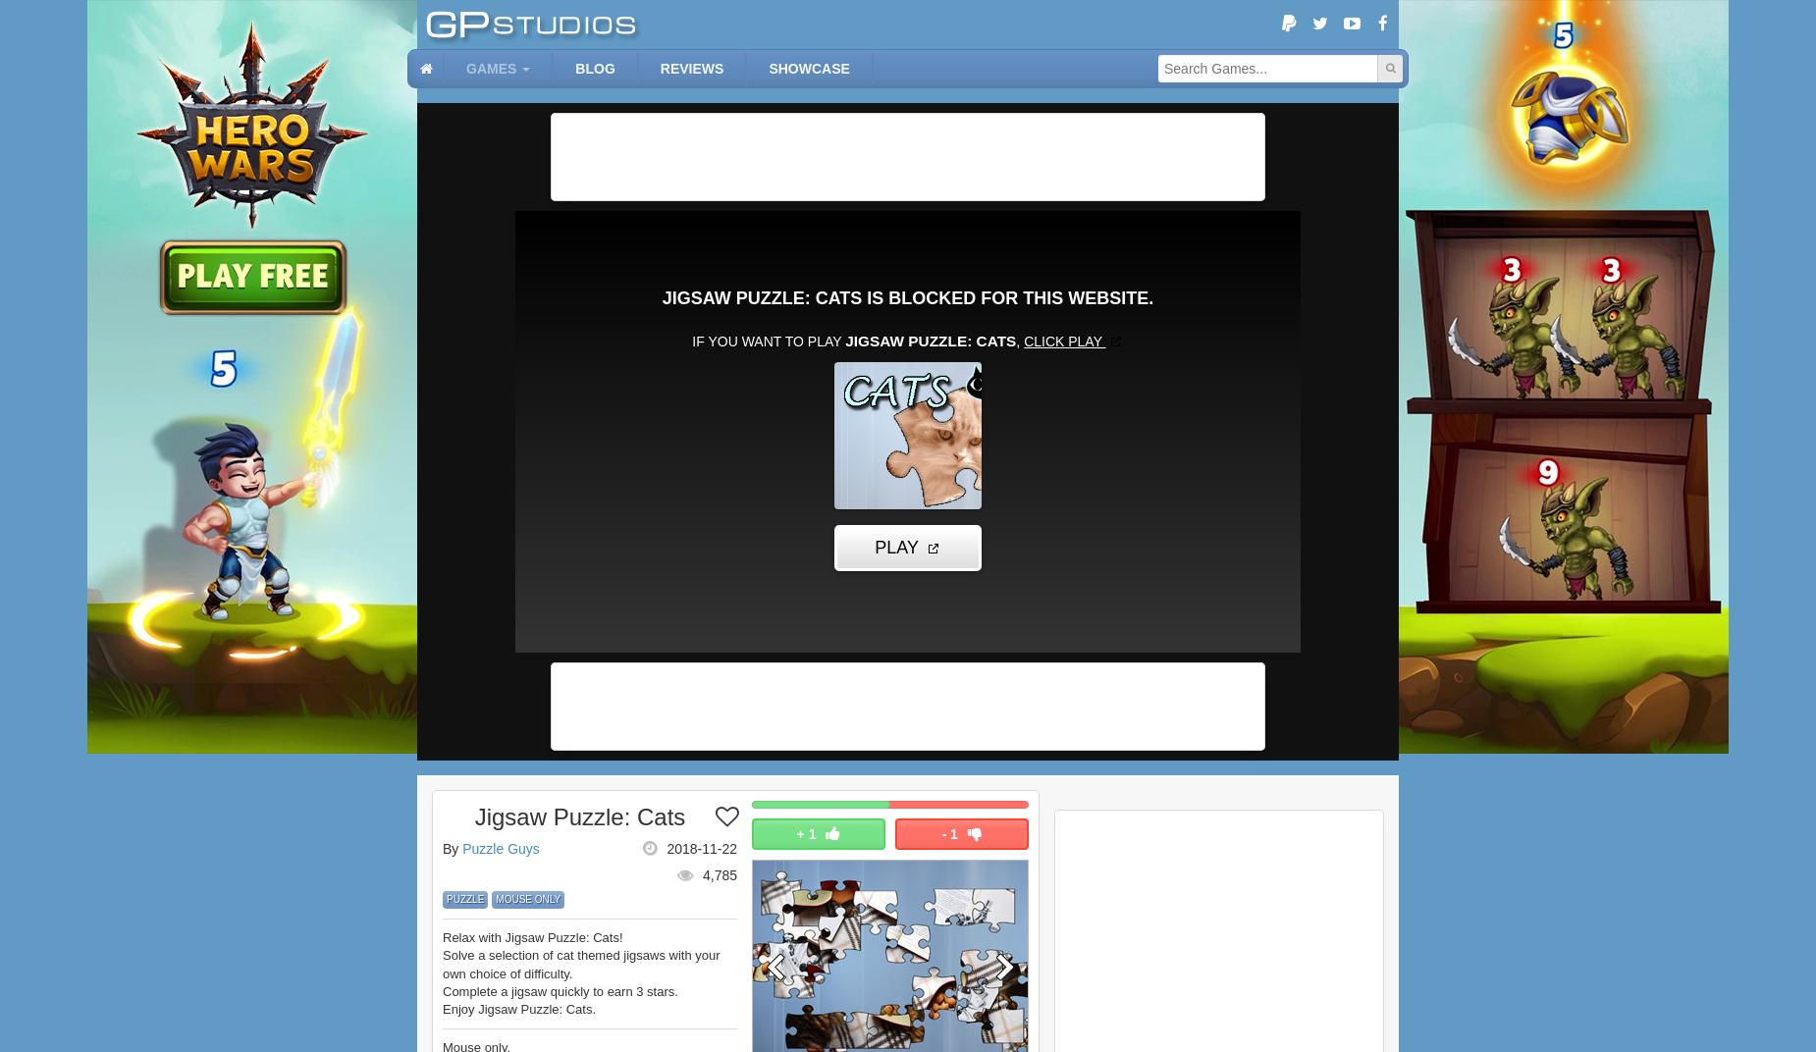 The width and height of the screenshot is (1816, 1052). Describe the element at coordinates (579, 815) in the screenshot. I see `'Jigsaw Puzzle: Cats'` at that location.